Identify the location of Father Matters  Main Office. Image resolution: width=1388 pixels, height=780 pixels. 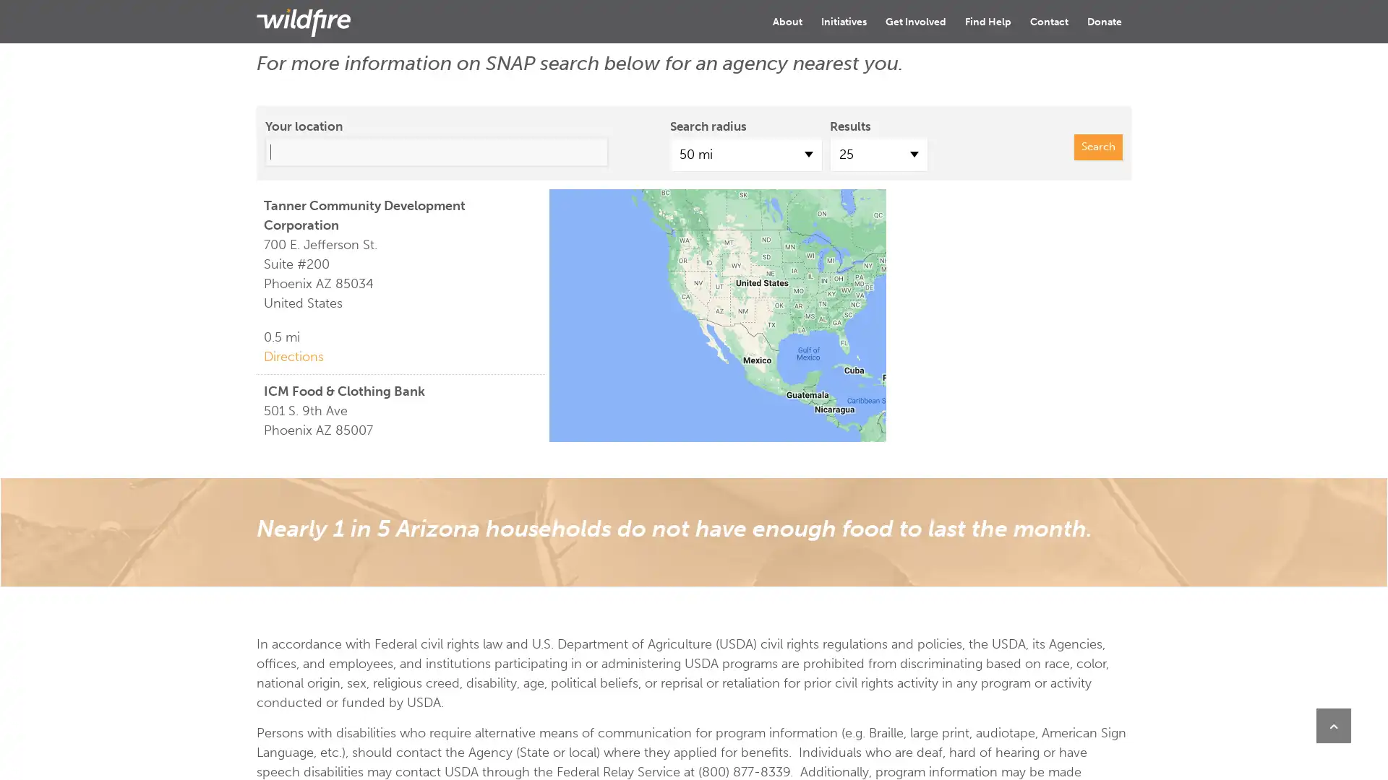
(864, 334).